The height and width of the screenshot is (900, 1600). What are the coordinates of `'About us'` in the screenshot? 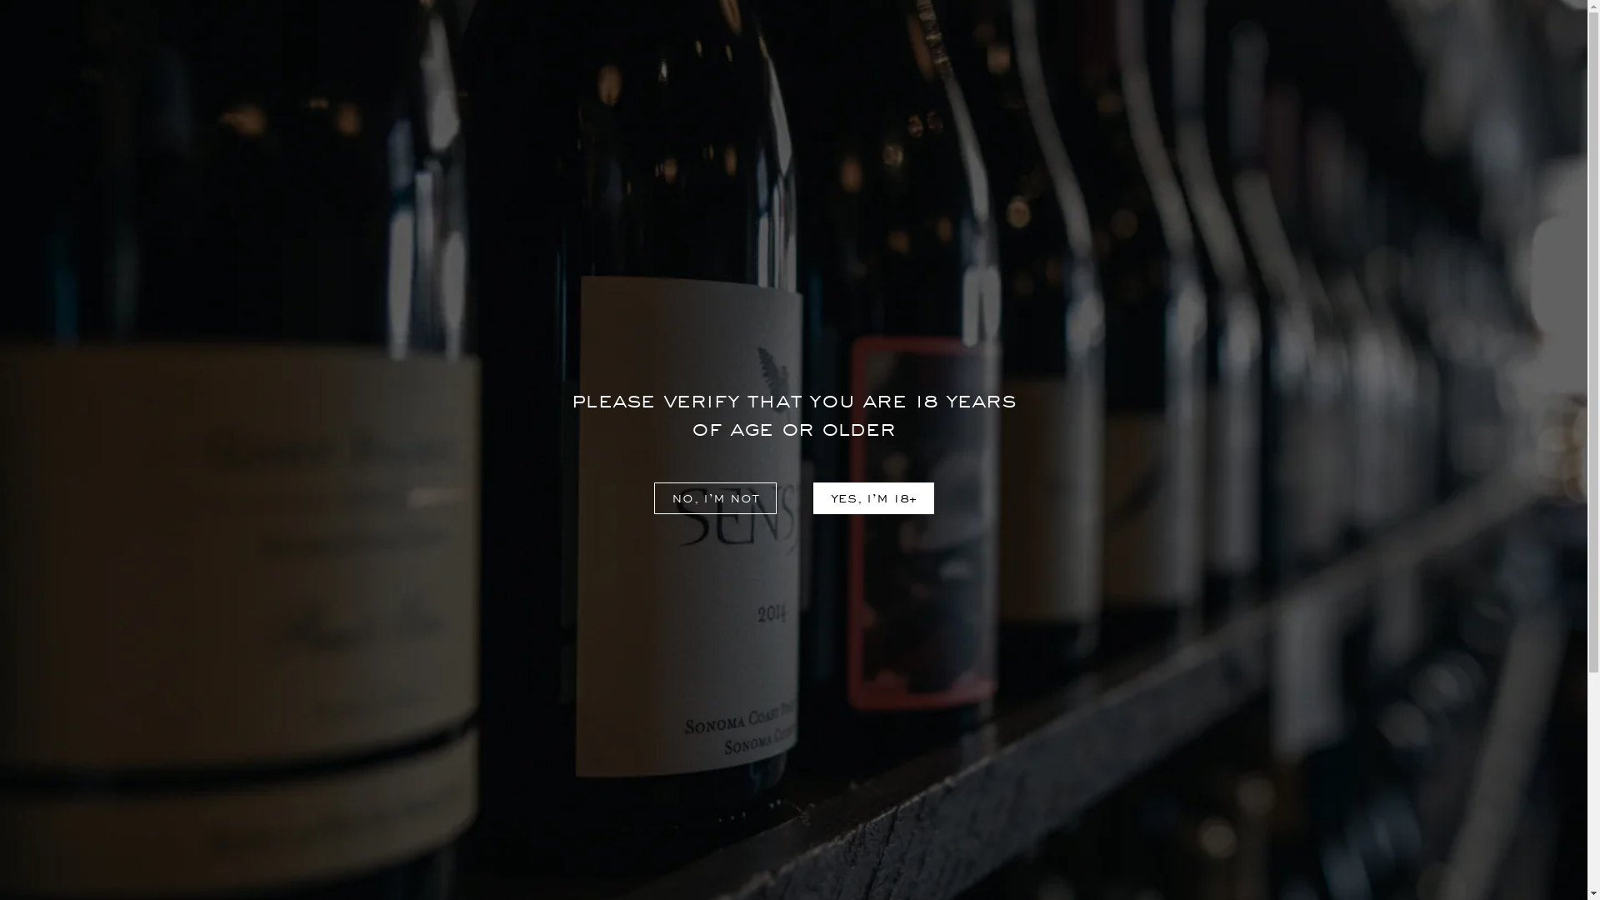 It's located at (507, 752).